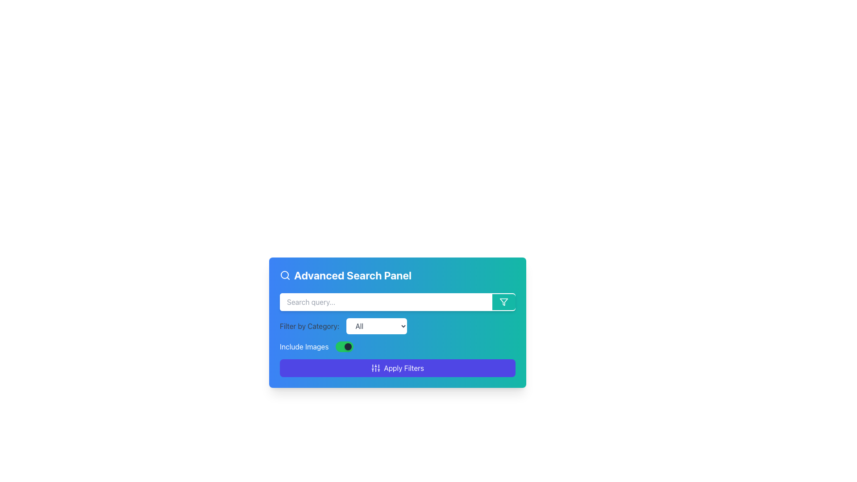 The width and height of the screenshot is (857, 482). What do you see at coordinates (309, 326) in the screenshot?
I see `the Text label that serves as a descriptor for the adjacent category-selection dropdown labeled 'All'` at bounding box center [309, 326].